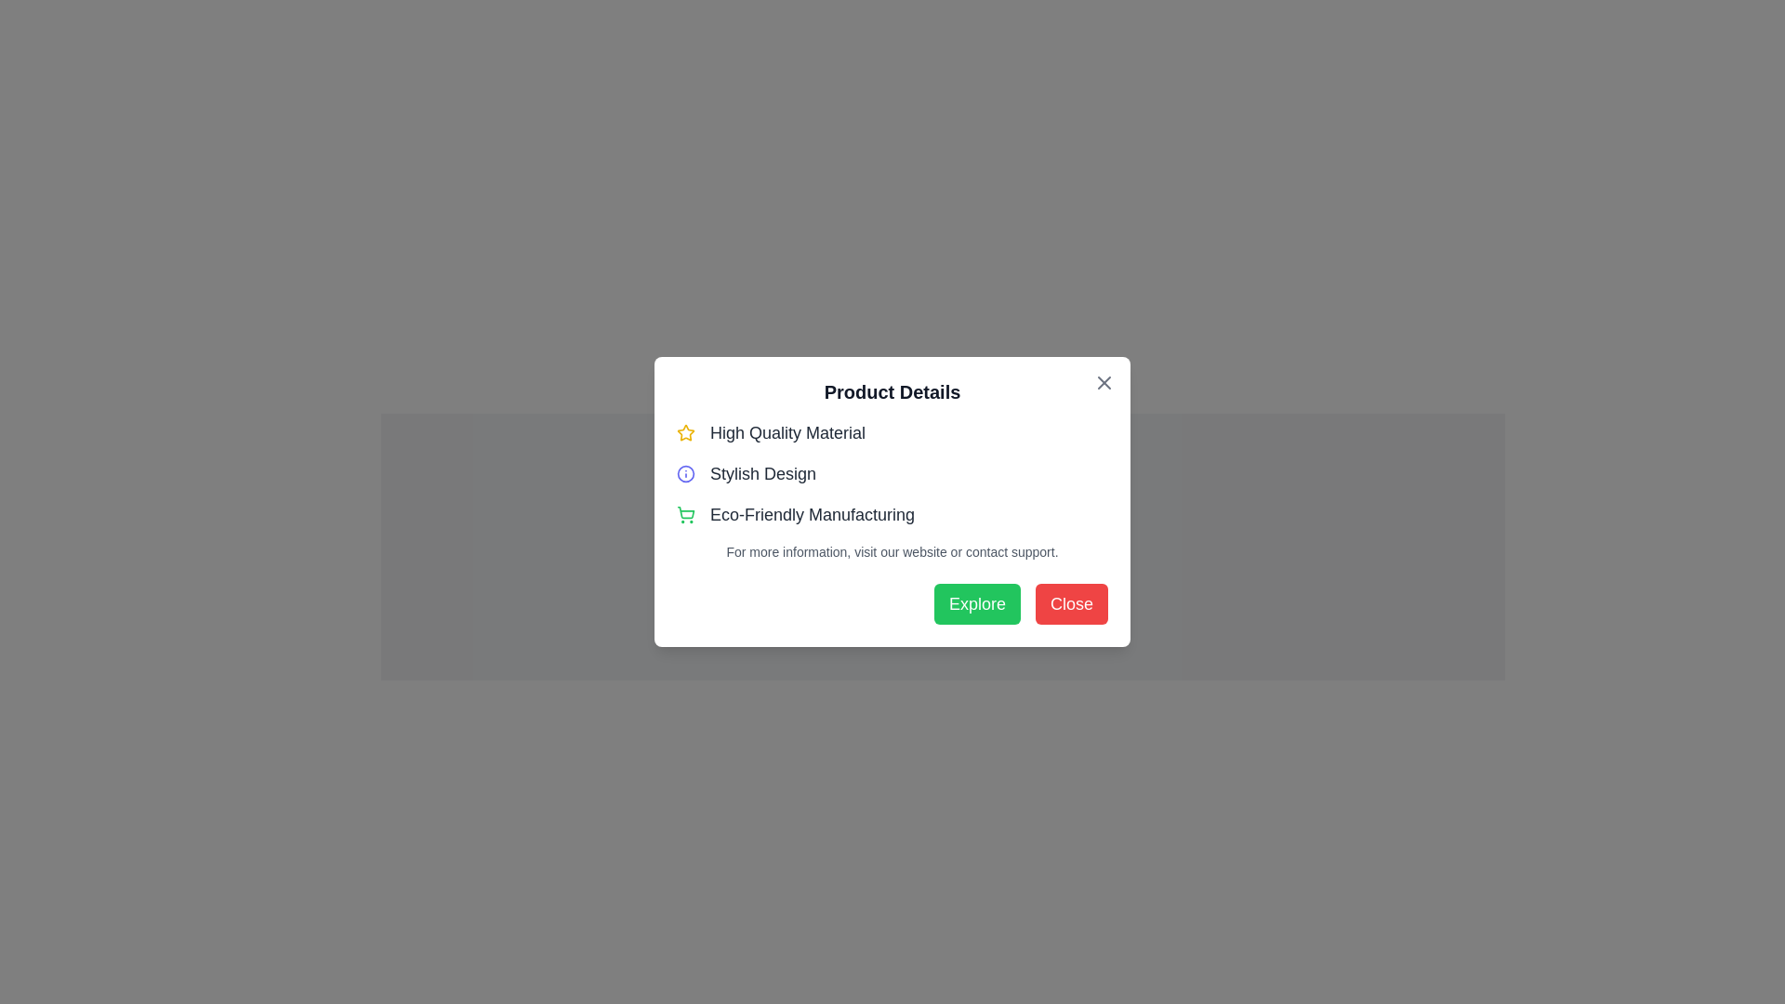 This screenshot has height=1004, width=1785. I want to click on the text label that describes the eco-friendly manufacturing feature, which is the third item in the 'Product Details' modal list, so click(812, 515).